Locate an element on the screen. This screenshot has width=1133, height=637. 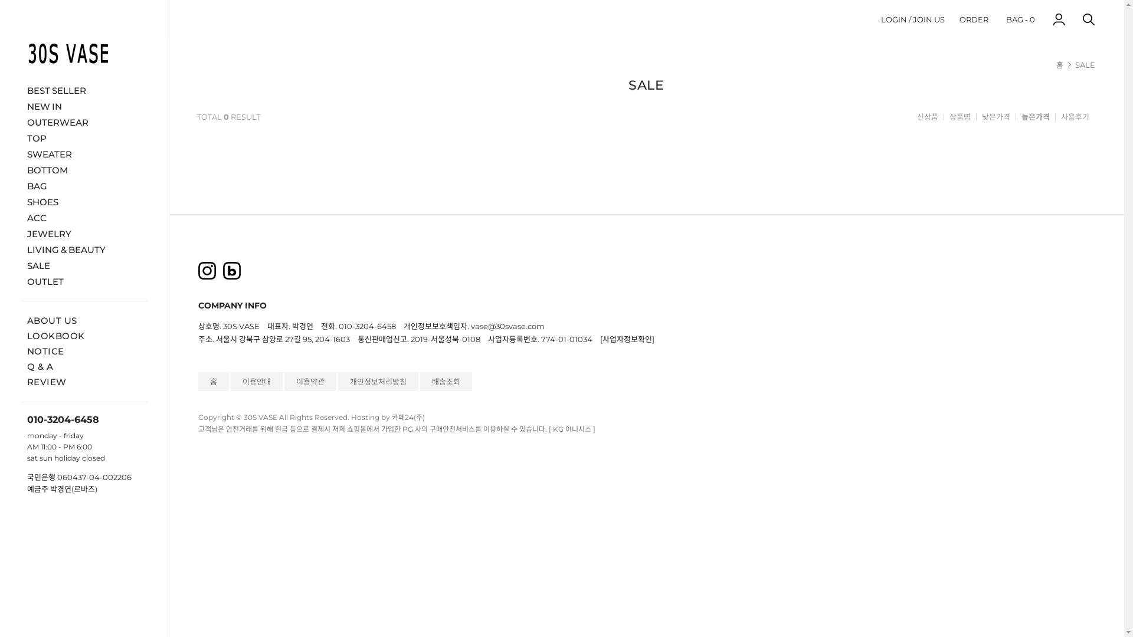
'ORDER' is located at coordinates (974, 19).